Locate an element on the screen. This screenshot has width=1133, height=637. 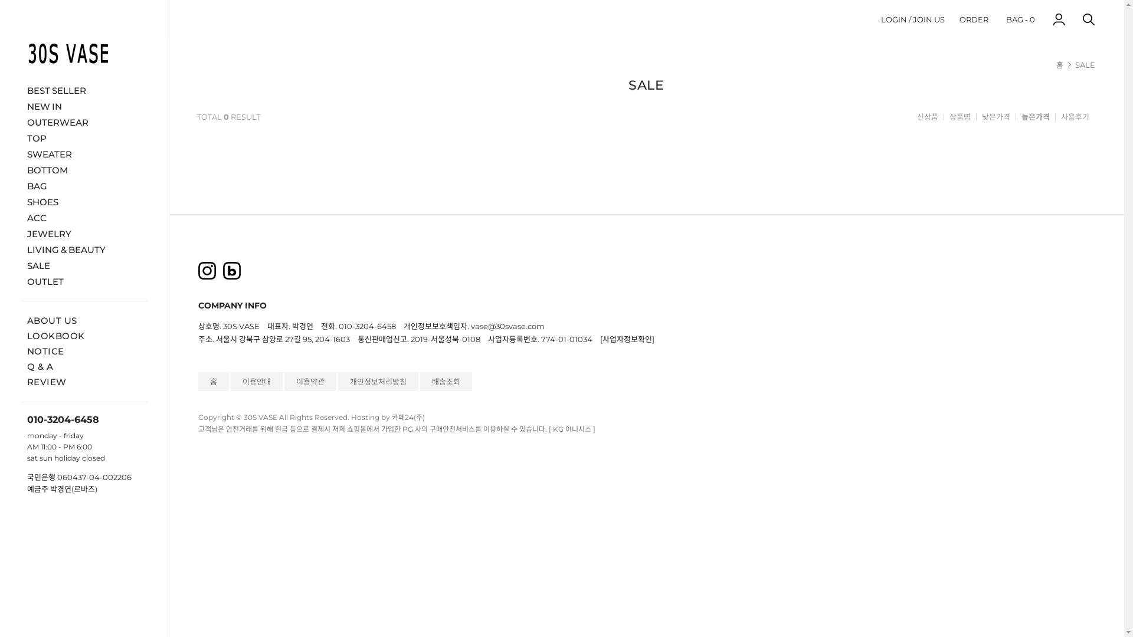
'ORDER' is located at coordinates (974, 19).